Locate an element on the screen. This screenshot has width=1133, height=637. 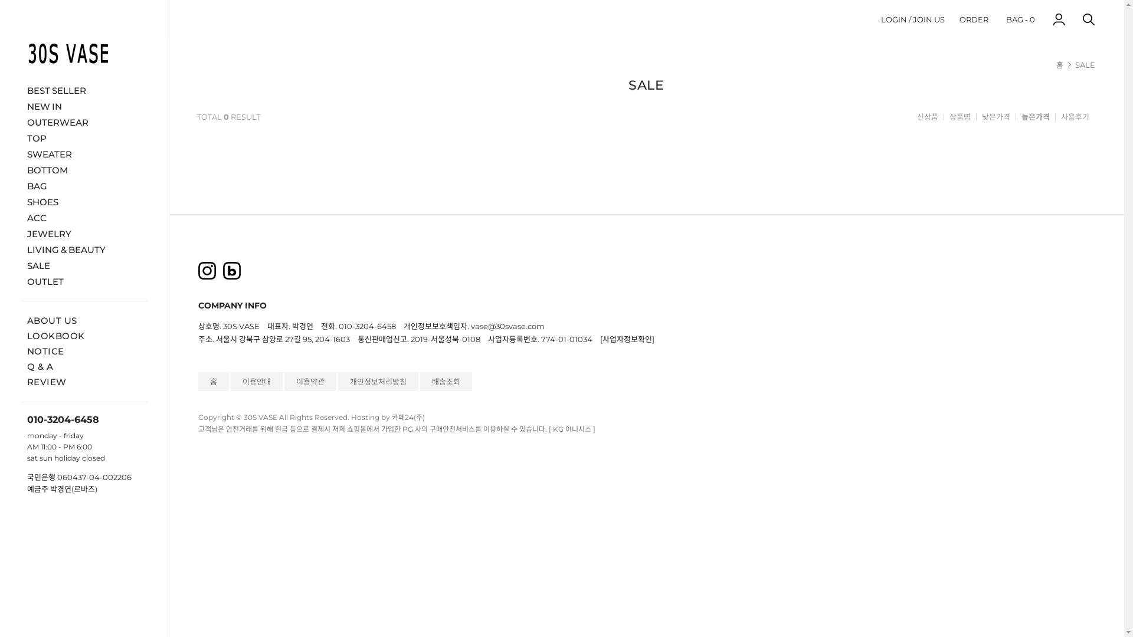
'ORDER' is located at coordinates (974, 19).